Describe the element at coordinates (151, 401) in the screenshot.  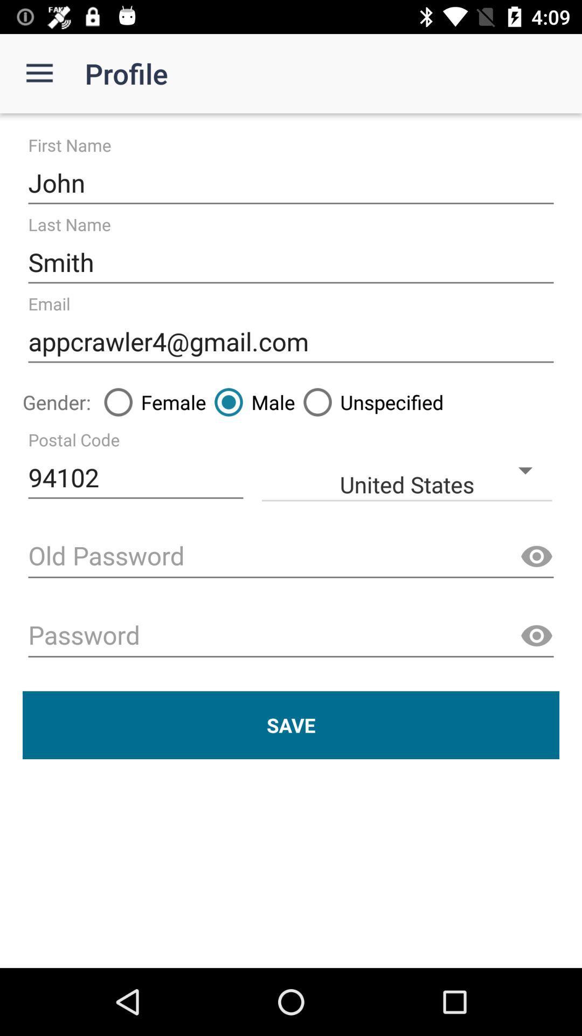
I see `icon above 94102` at that location.